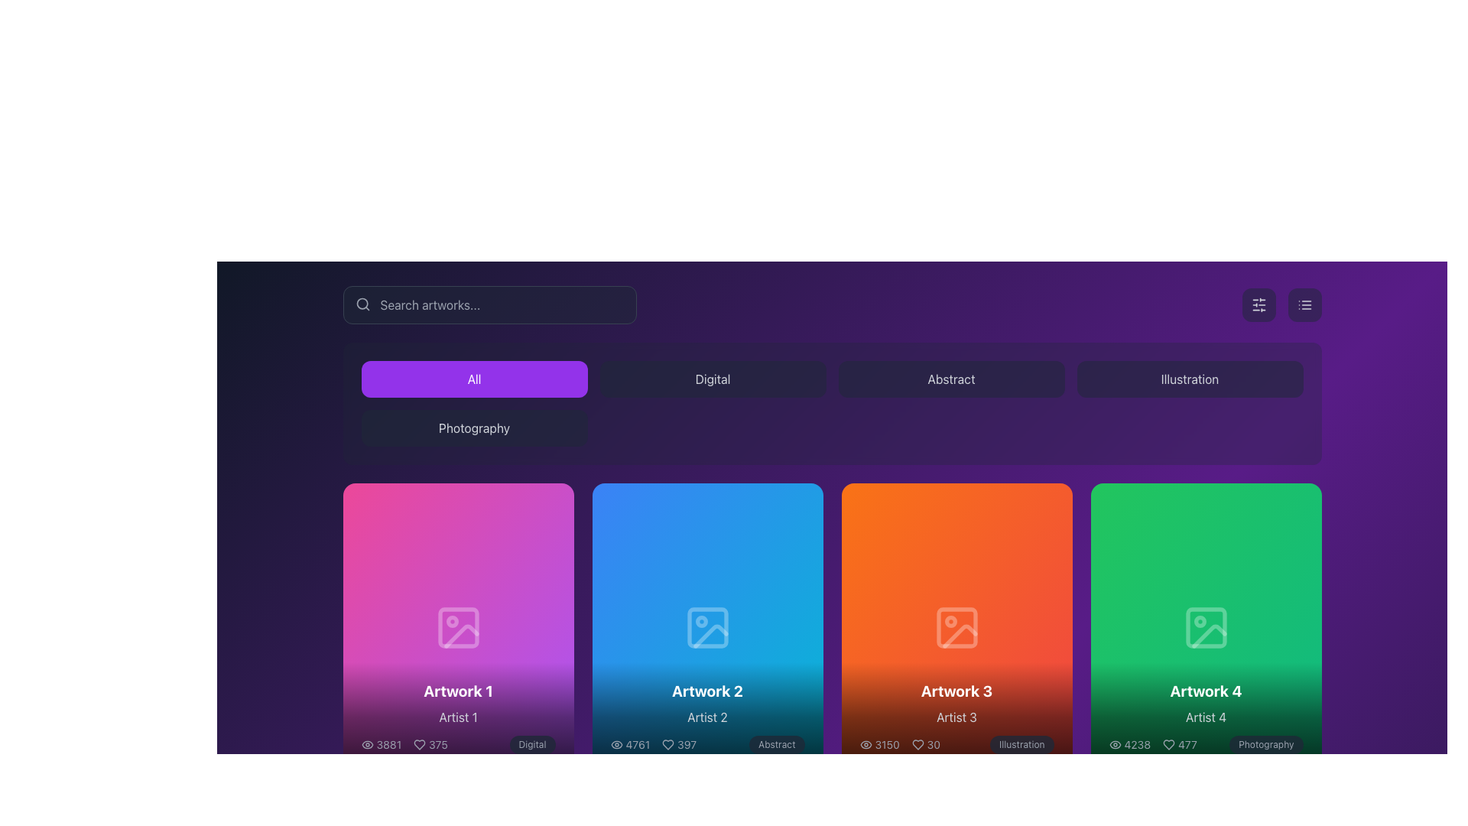 Image resolution: width=1468 pixels, height=826 pixels. What do you see at coordinates (1205, 717) in the screenshot?
I see `text label displaying 'Artist 4', which is centrally aligned beneath 'Artwork 4' in a green card layout` at bounding box center [1205, 717].